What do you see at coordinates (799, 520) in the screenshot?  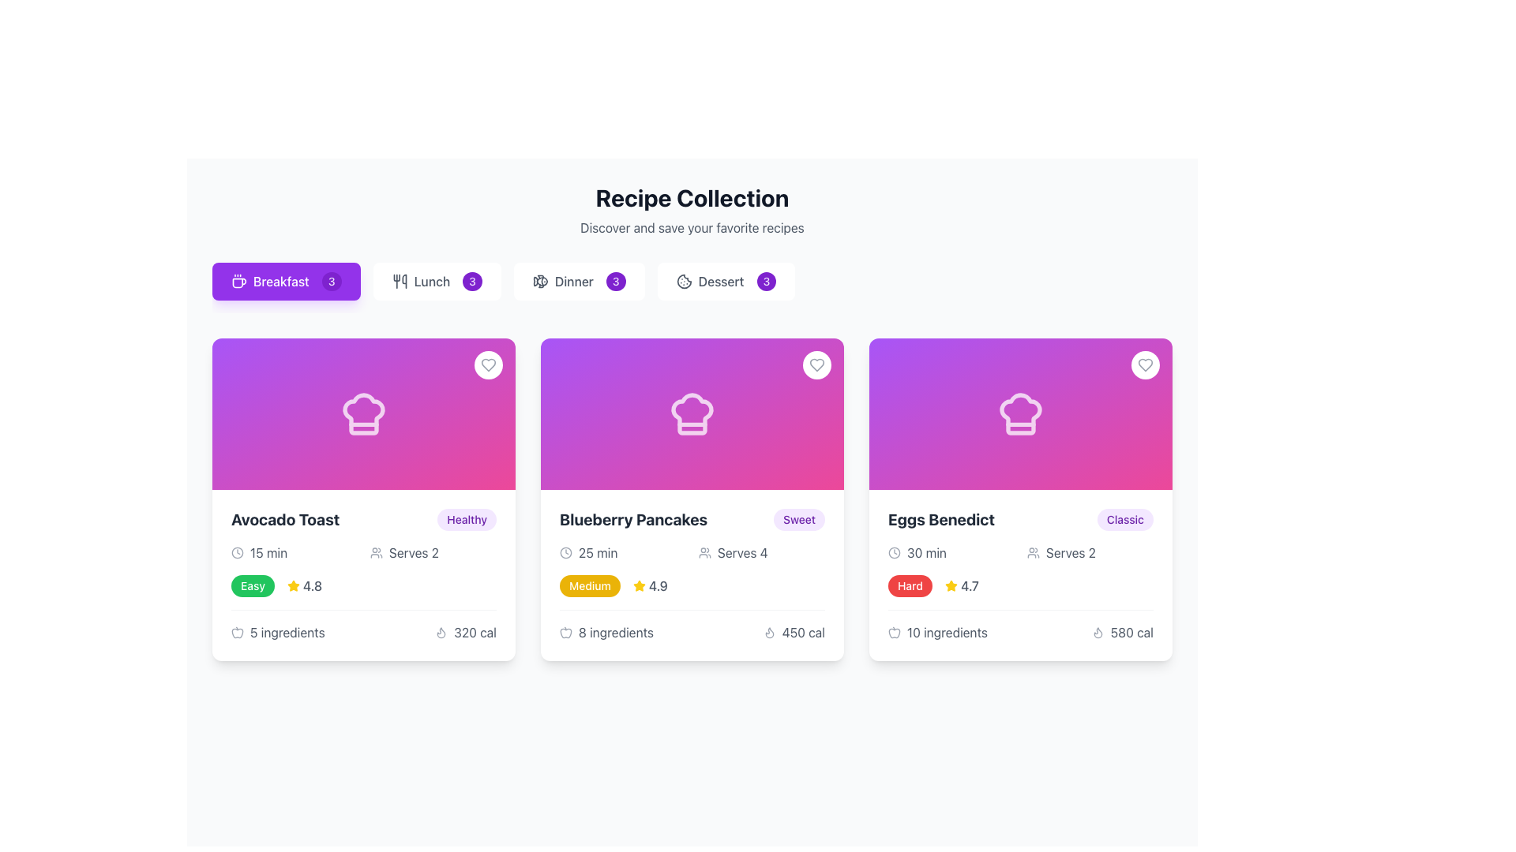 I see `the content of the pill-shaped label with a soft purple background and dark purple text that displays 'Sweet', located in the second card from the left, adjacent to the title 'Blueberry Pancakes'` at bounding box center [799, 520].